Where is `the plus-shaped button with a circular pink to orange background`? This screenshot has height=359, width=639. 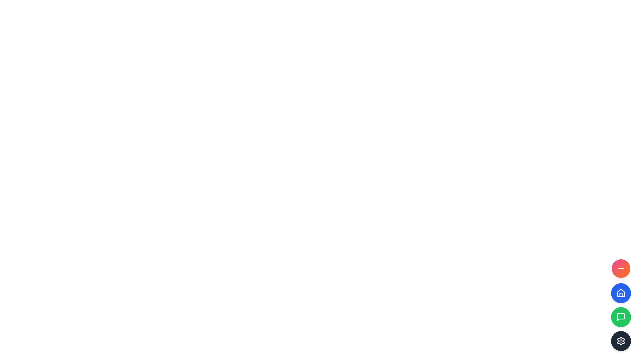 the plus-shaped button with a circular pink to orange background is located at coordinates (621, 268).